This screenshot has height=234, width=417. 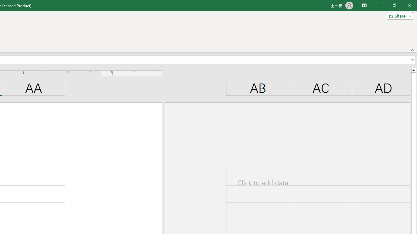 I want to click on 'Line up', so click(x=413, y=70).